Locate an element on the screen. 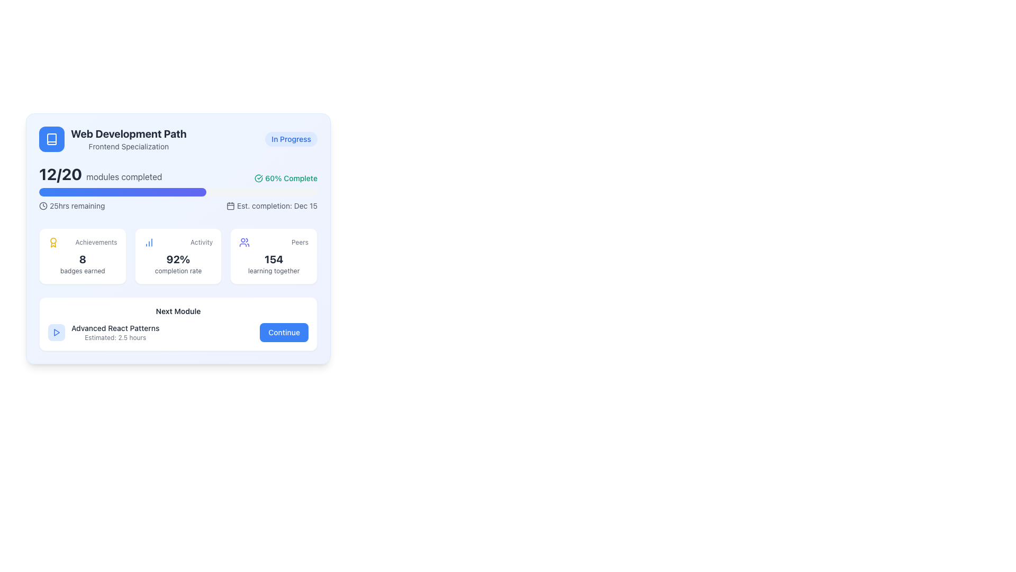 The height and width of the screenshot is (572, 1016). the icon representing a group of people located in the 'Peers' section, just to the left of the text '154 learning together' is located at coordinates (244, 243).